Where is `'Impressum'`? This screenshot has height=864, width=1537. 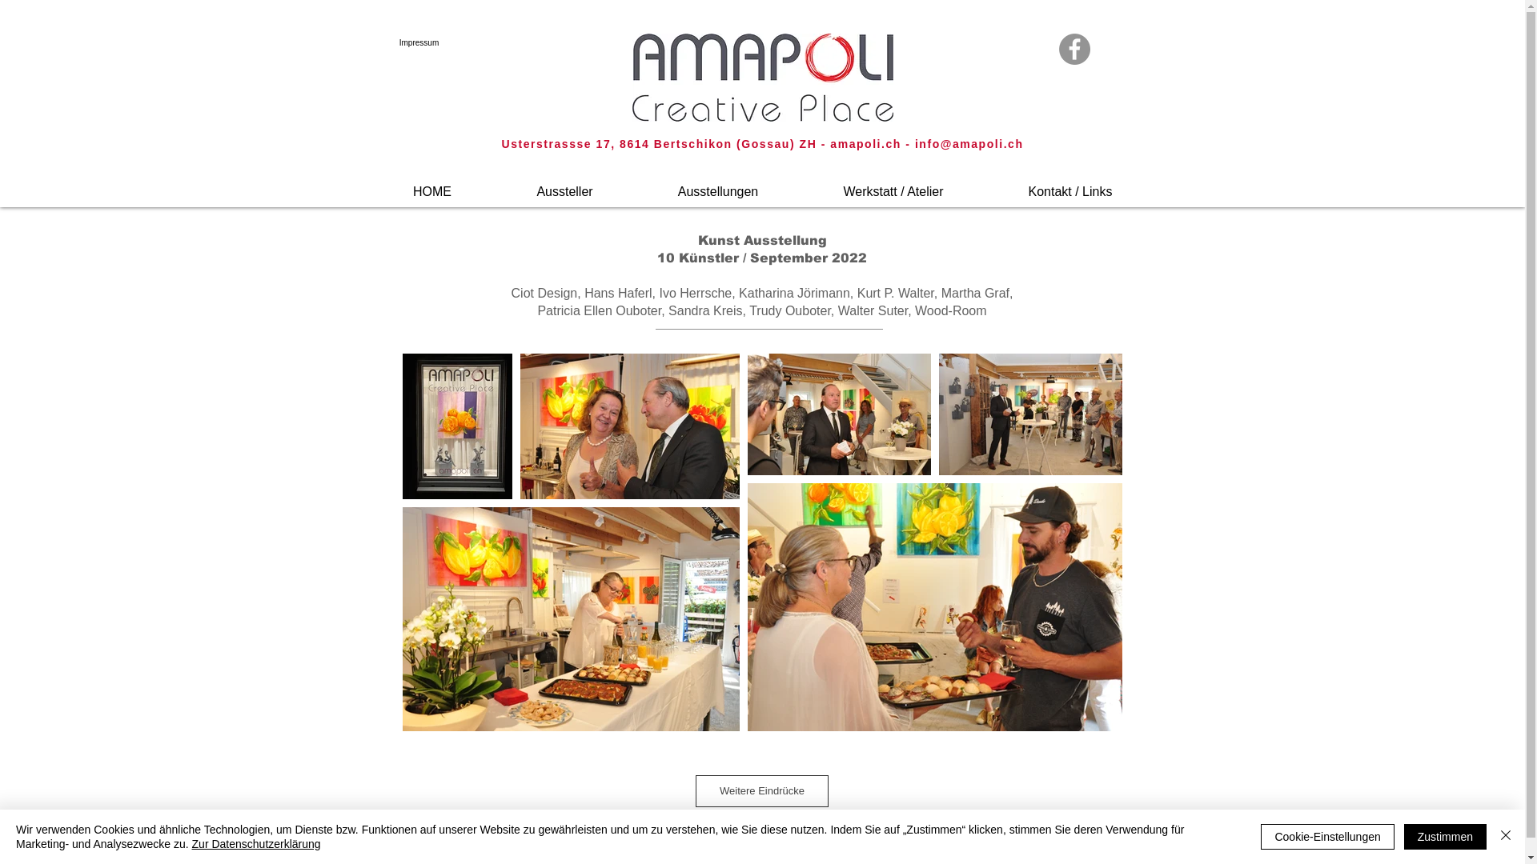 'Impressum' is located at coordinates (385, 42).